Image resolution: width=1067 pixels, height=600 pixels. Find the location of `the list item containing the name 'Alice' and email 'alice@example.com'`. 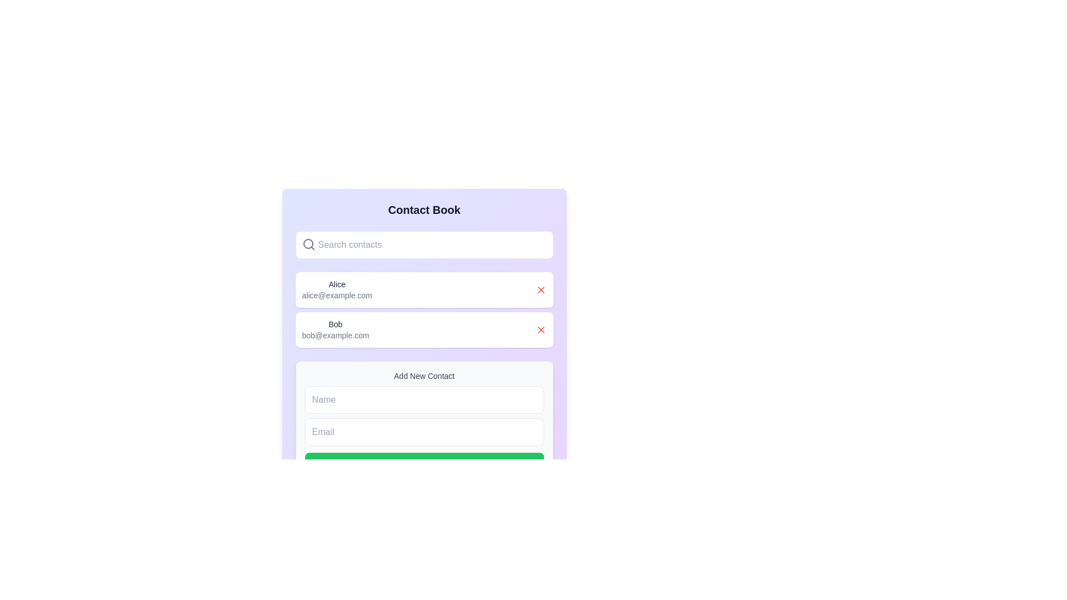

the list item containing the name 'Alice' and email 'alice@example.com' is located at coordinates (336, 289).